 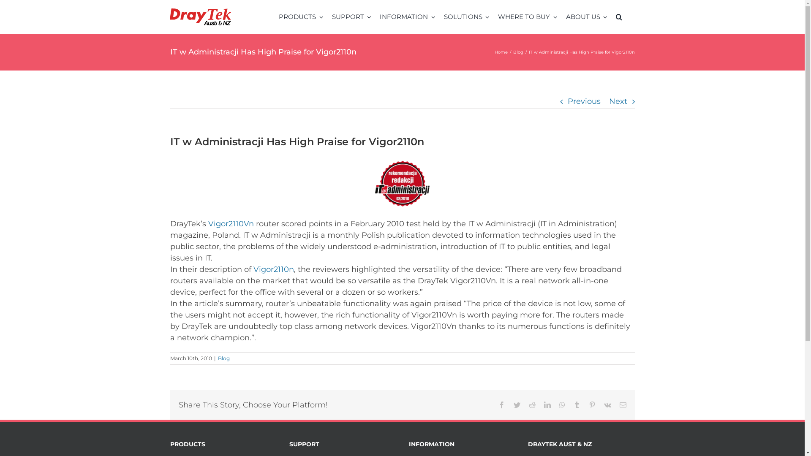 What do you see at coordinates (253, 269) in the screenshot?
I see `'Vigor2110n'` at bounding box center [253, 269].